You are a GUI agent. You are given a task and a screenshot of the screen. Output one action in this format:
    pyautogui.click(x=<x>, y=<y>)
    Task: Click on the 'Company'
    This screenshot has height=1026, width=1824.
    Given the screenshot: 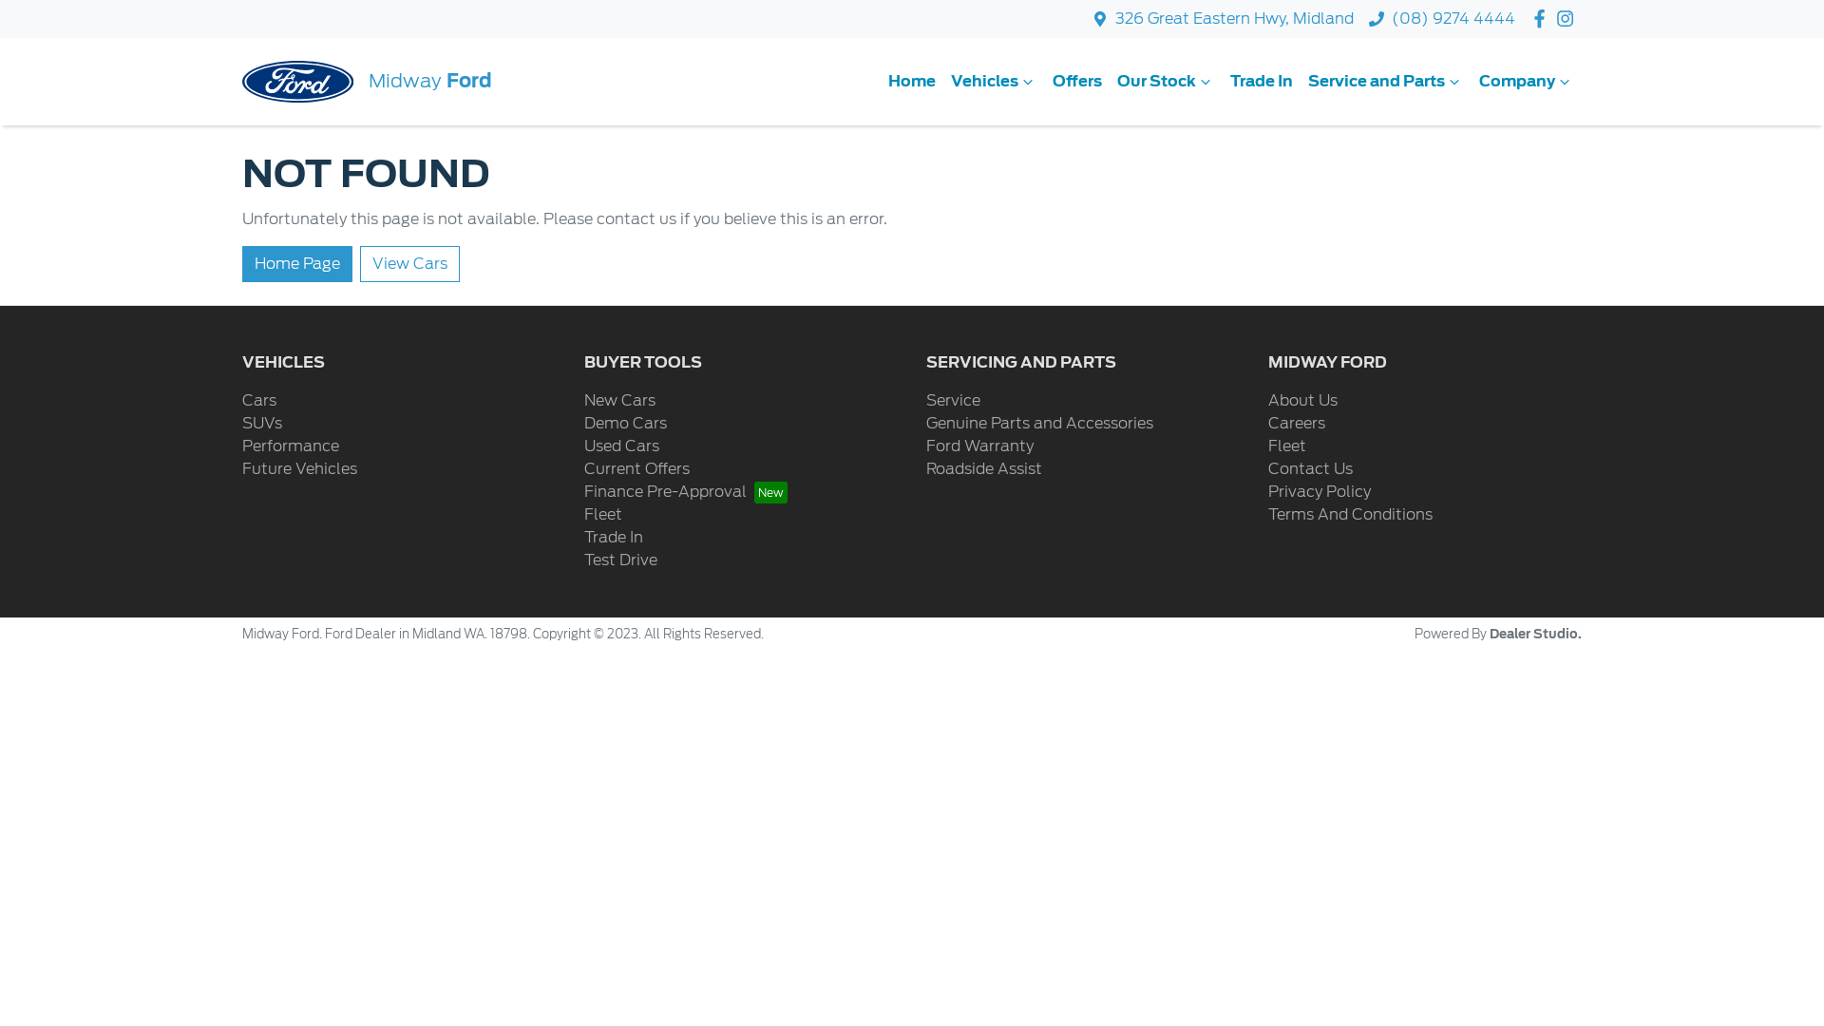 What is the action you would take?
    pyautogui.click(x=1527, y=80)
    